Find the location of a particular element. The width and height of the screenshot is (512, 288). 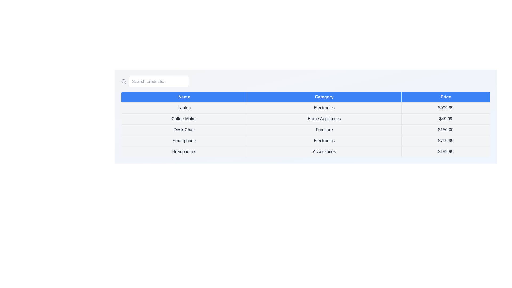

the text block displaying 'Electronics' in the second column of the first data row within a table, which is styled with a center-aligned font and bordered for distinction is located at coordinates (324, 108).